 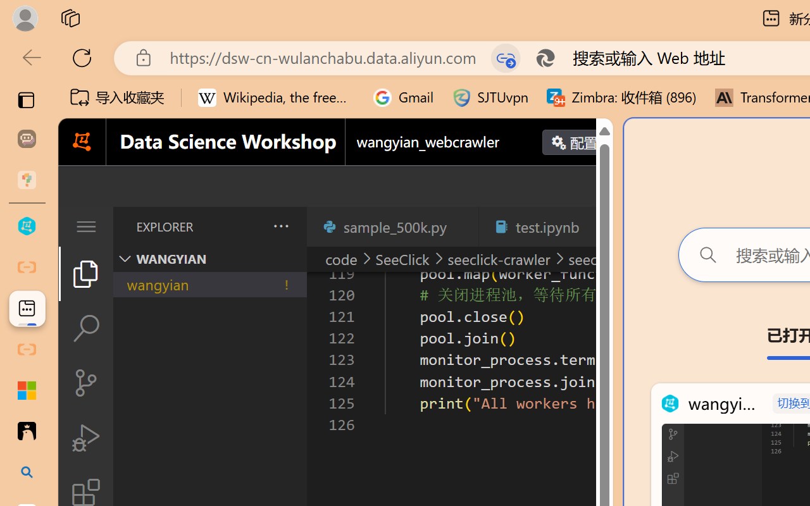 I want to click on 'sample_500k.py', so click(x=392, y=226).